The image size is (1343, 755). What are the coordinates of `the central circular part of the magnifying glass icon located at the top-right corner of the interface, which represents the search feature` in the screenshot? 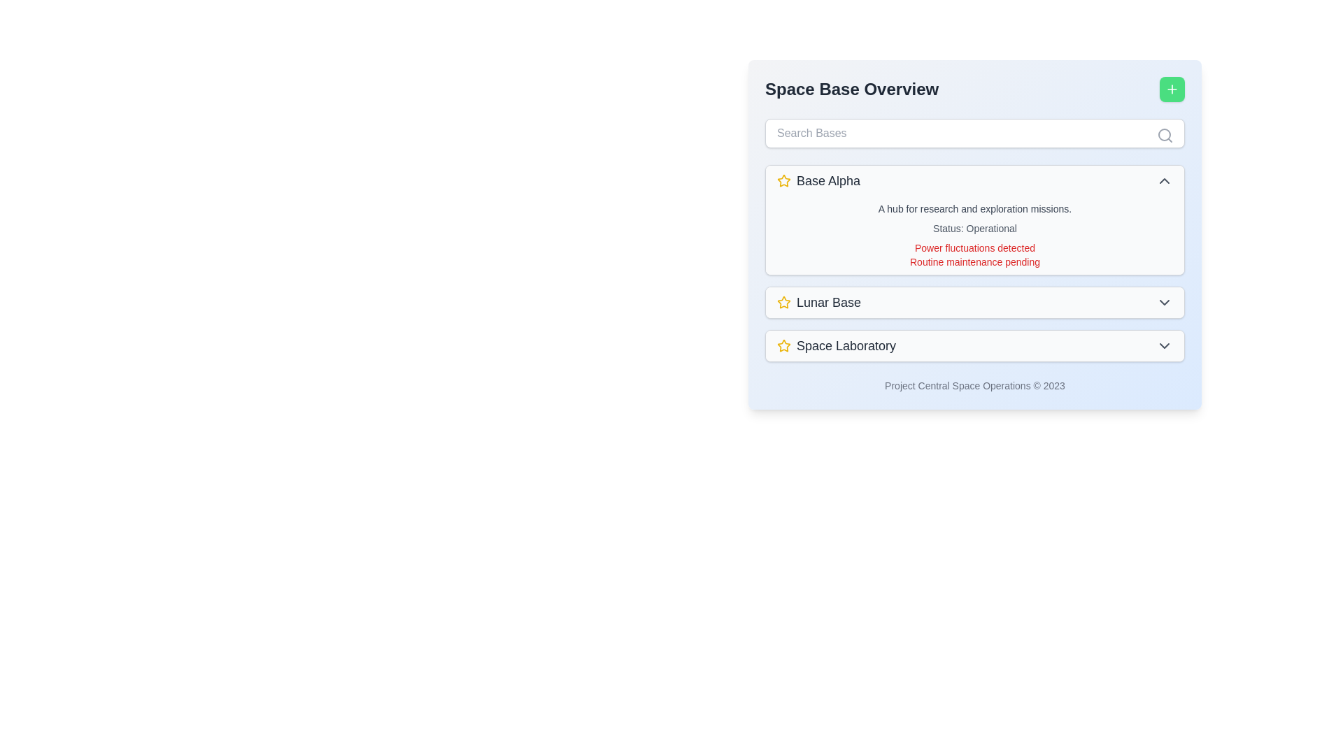 It's located at (1165, 134).